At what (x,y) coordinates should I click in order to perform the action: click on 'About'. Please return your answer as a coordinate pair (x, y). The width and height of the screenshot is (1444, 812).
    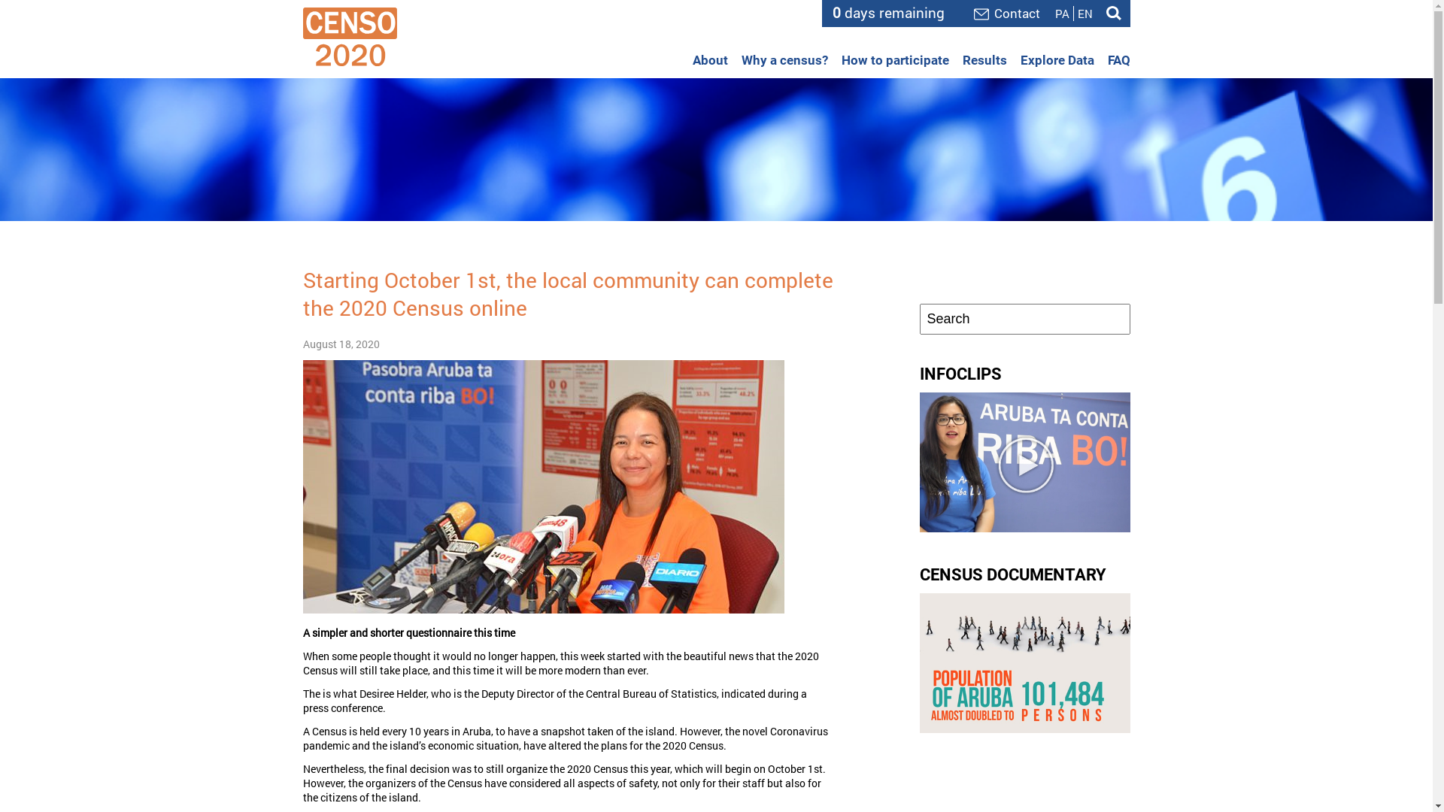
    Looking at the image, I should click on (708, 59).